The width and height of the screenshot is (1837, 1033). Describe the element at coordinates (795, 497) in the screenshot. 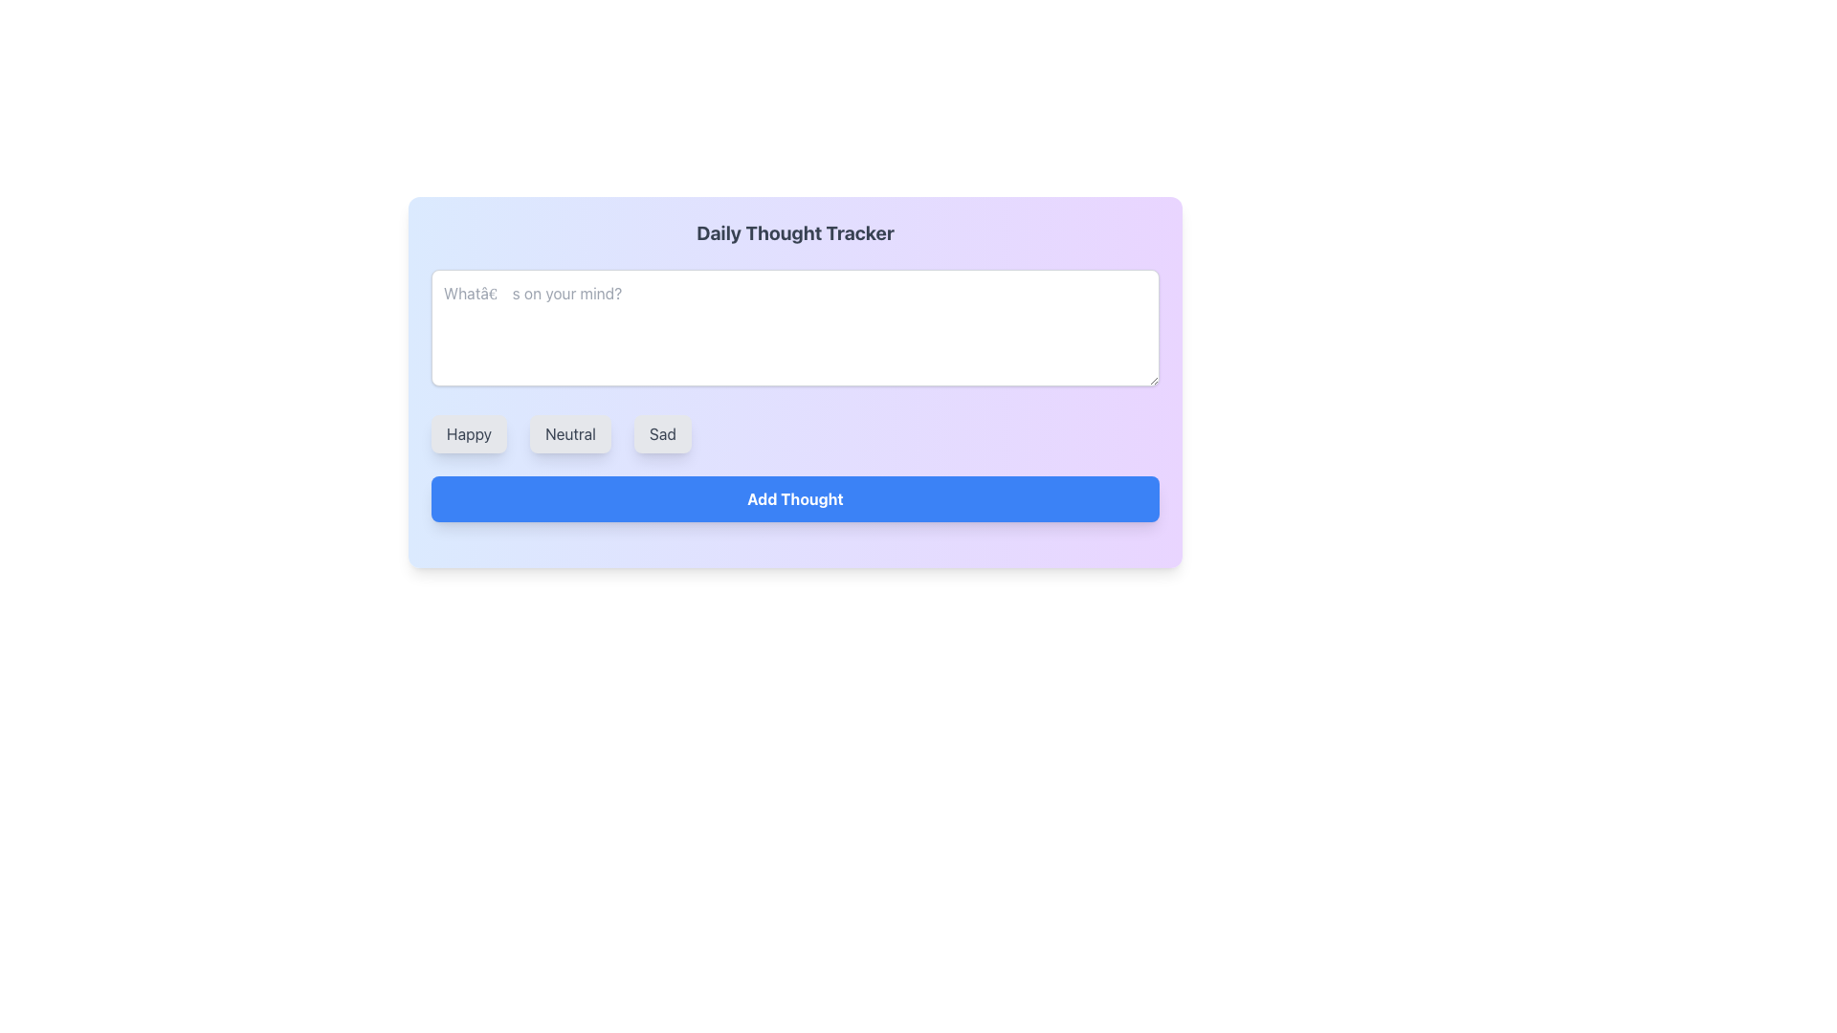

I see `the 'Add Thought' button located at the bottom of the 'Daily Thought Tracker' section` at that location.